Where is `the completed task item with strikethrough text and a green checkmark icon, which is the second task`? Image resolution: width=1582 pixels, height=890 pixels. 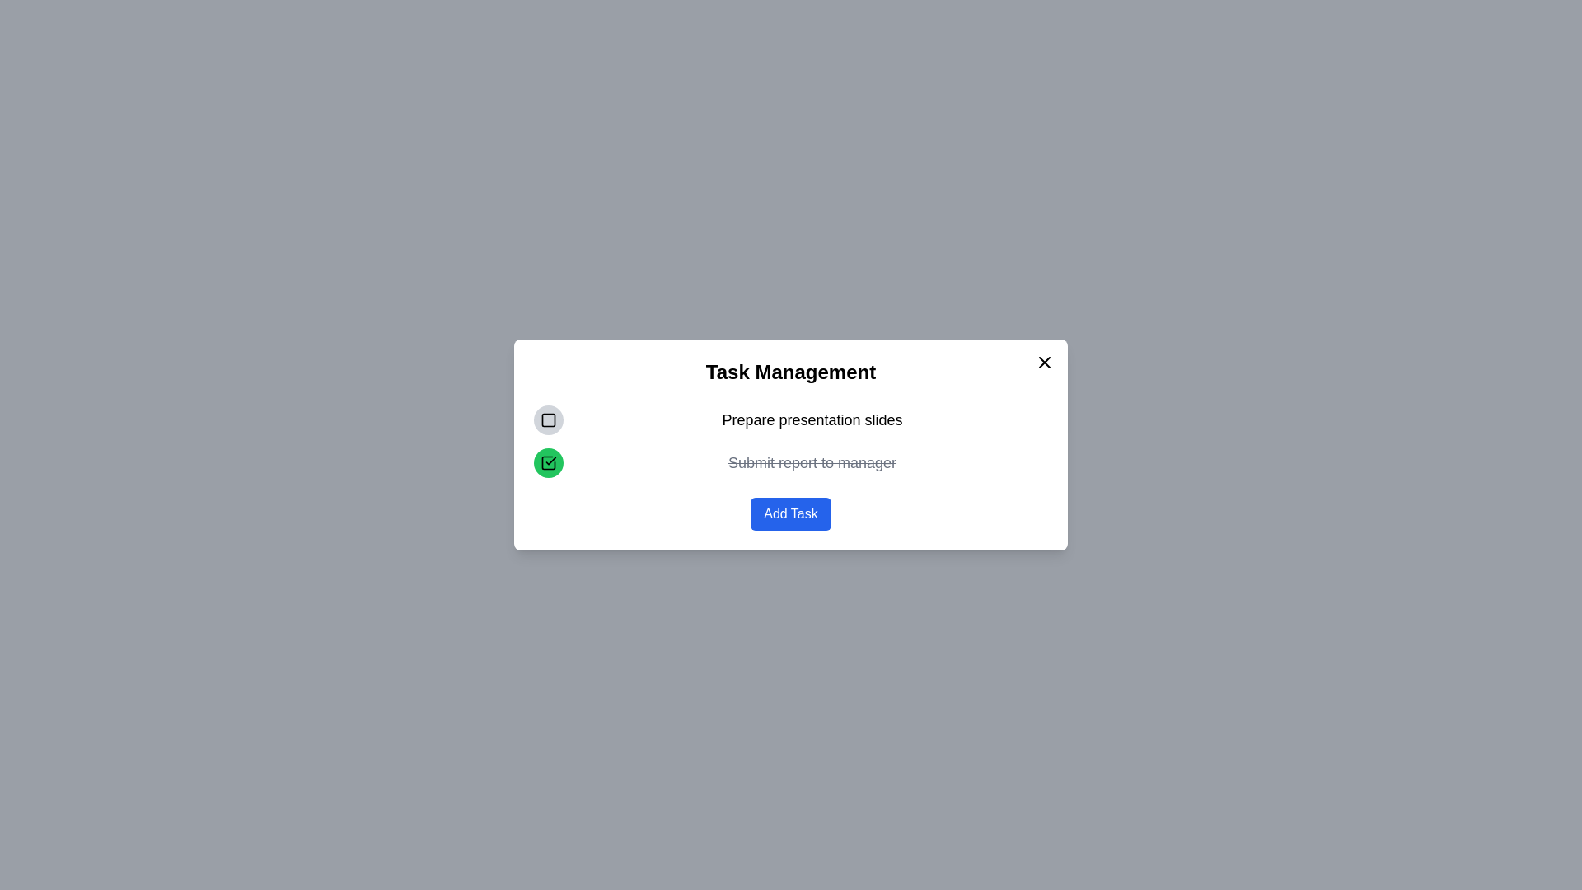
the completed task item with strikethrough text and a green checkmark icon, which is the second task is located at coordinates (791, 463).